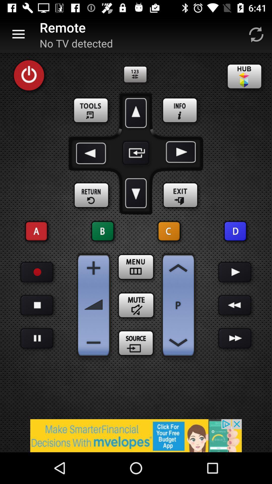 This screenshot has height=484, width=272. I want to click on the expand_more icon, so click(136, 193).